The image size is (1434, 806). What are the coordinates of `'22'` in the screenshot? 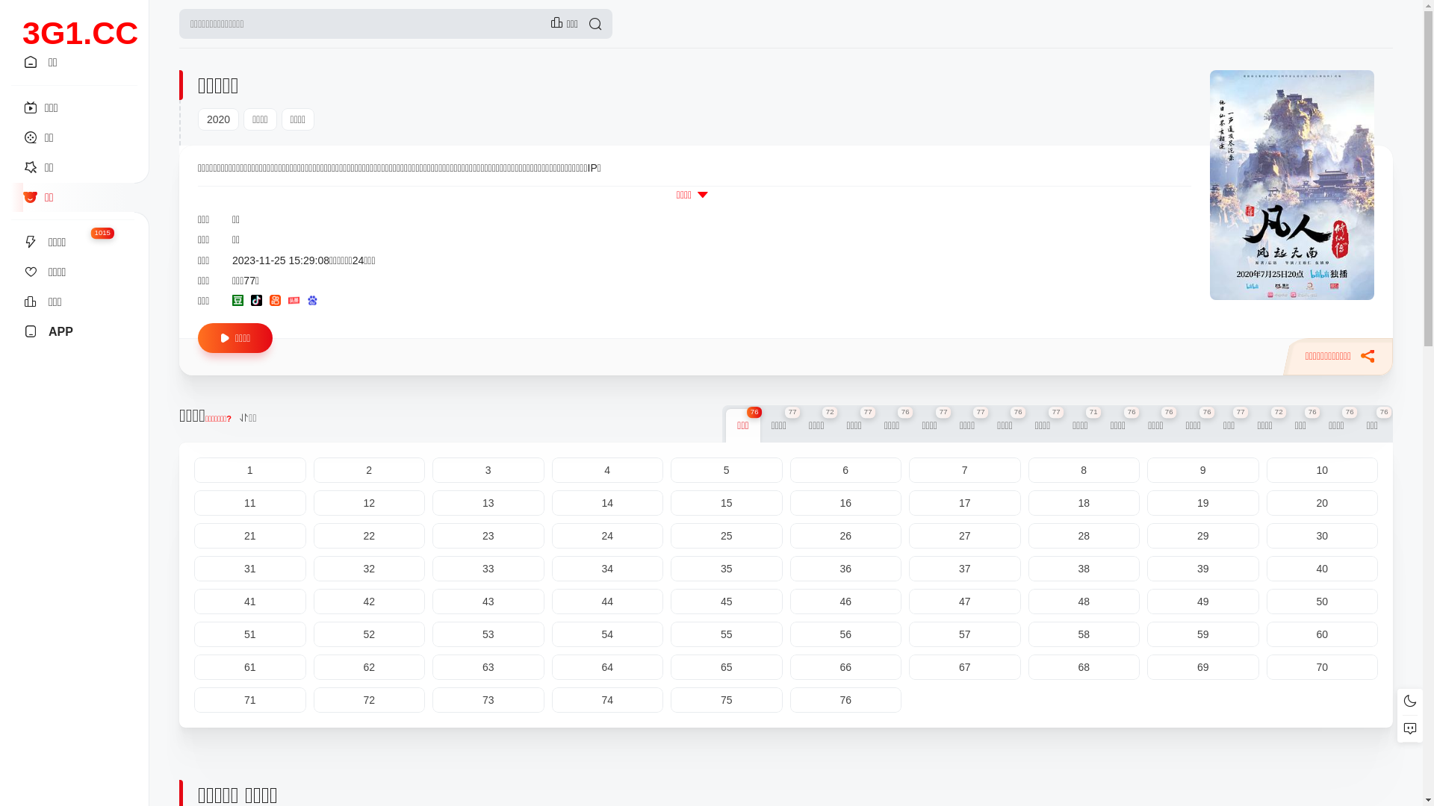 It's located at (369, 534).